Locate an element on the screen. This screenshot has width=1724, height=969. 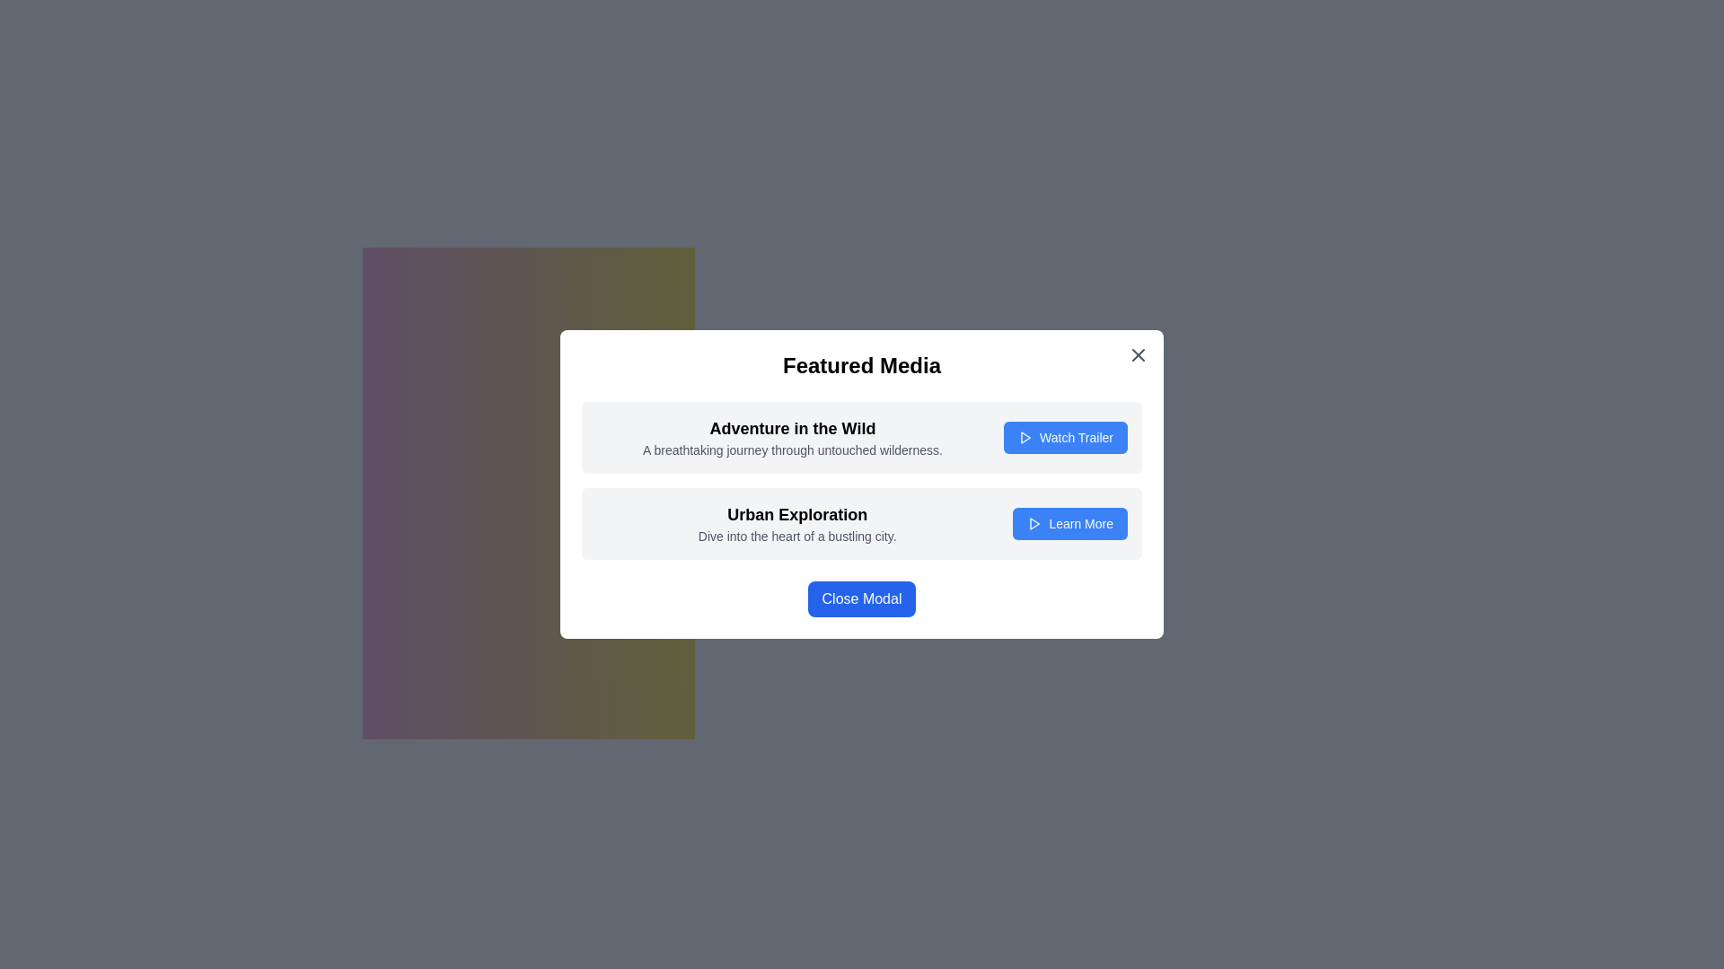
the Text label (Heading) that serves as the title for the modal window, positioned centrally at the topmost section of the modal is located at coordinates (862, 365).